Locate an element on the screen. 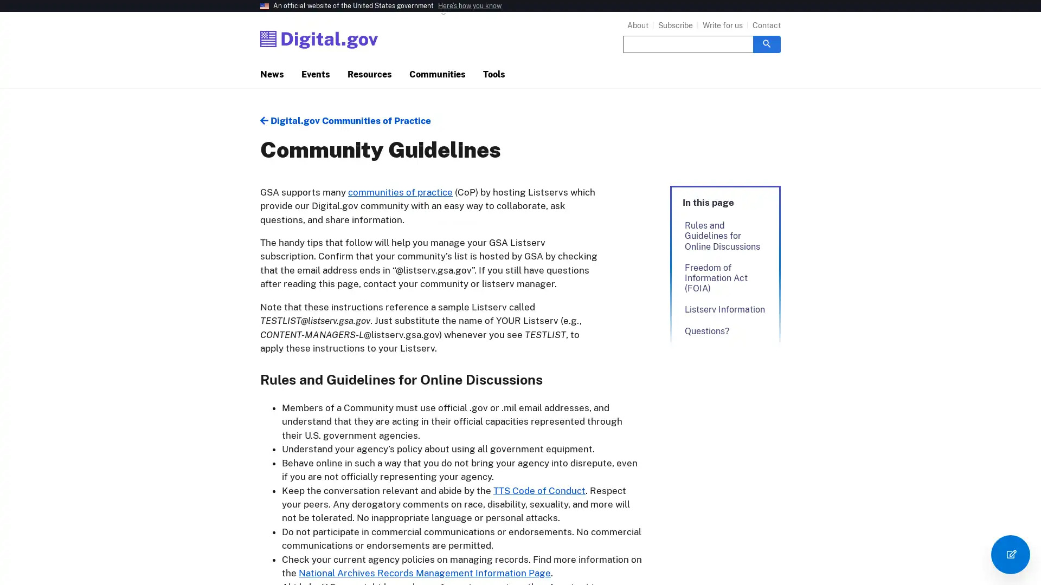  Heres how you know is located at coordinates (470, 6).